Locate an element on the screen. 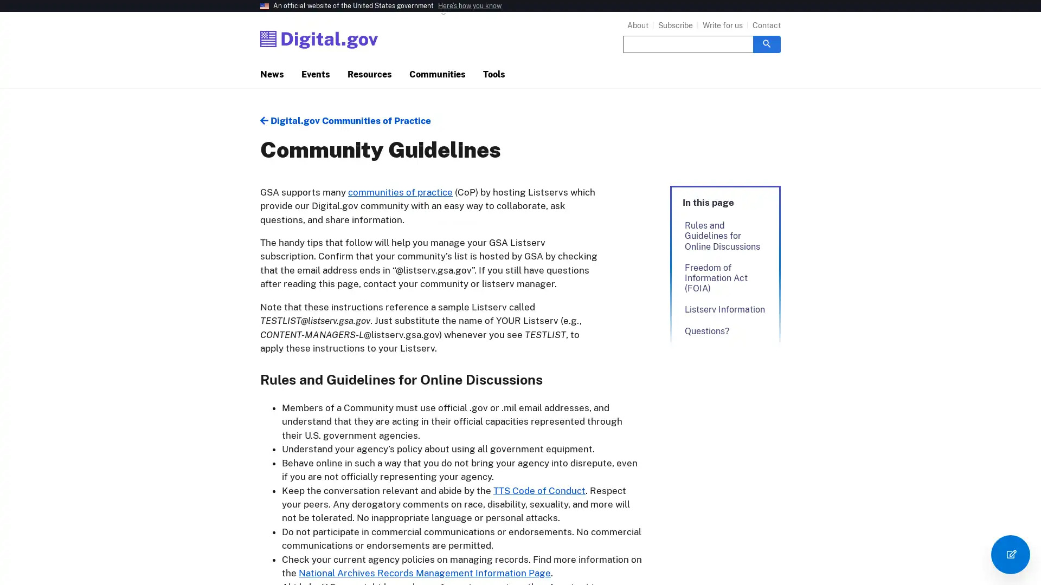  Heres how you know is located at coordinates (470, 6).